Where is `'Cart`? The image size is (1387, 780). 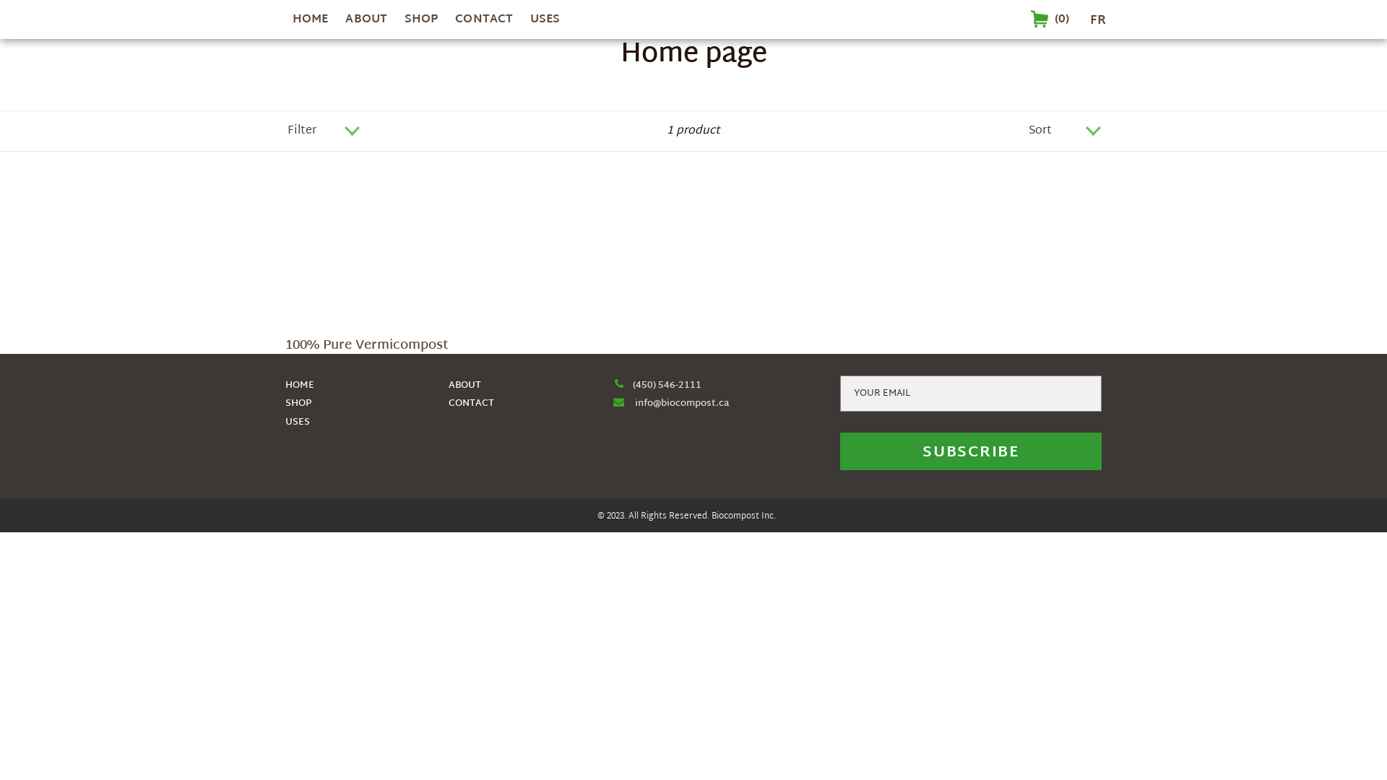 'Cart is located at coordinates (1051, 19).